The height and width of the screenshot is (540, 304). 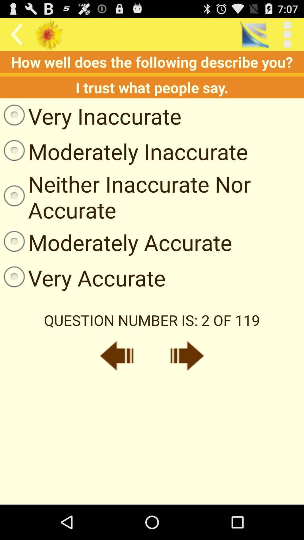 I want to click on the item above the question number is item, so click(x=83, y=278).